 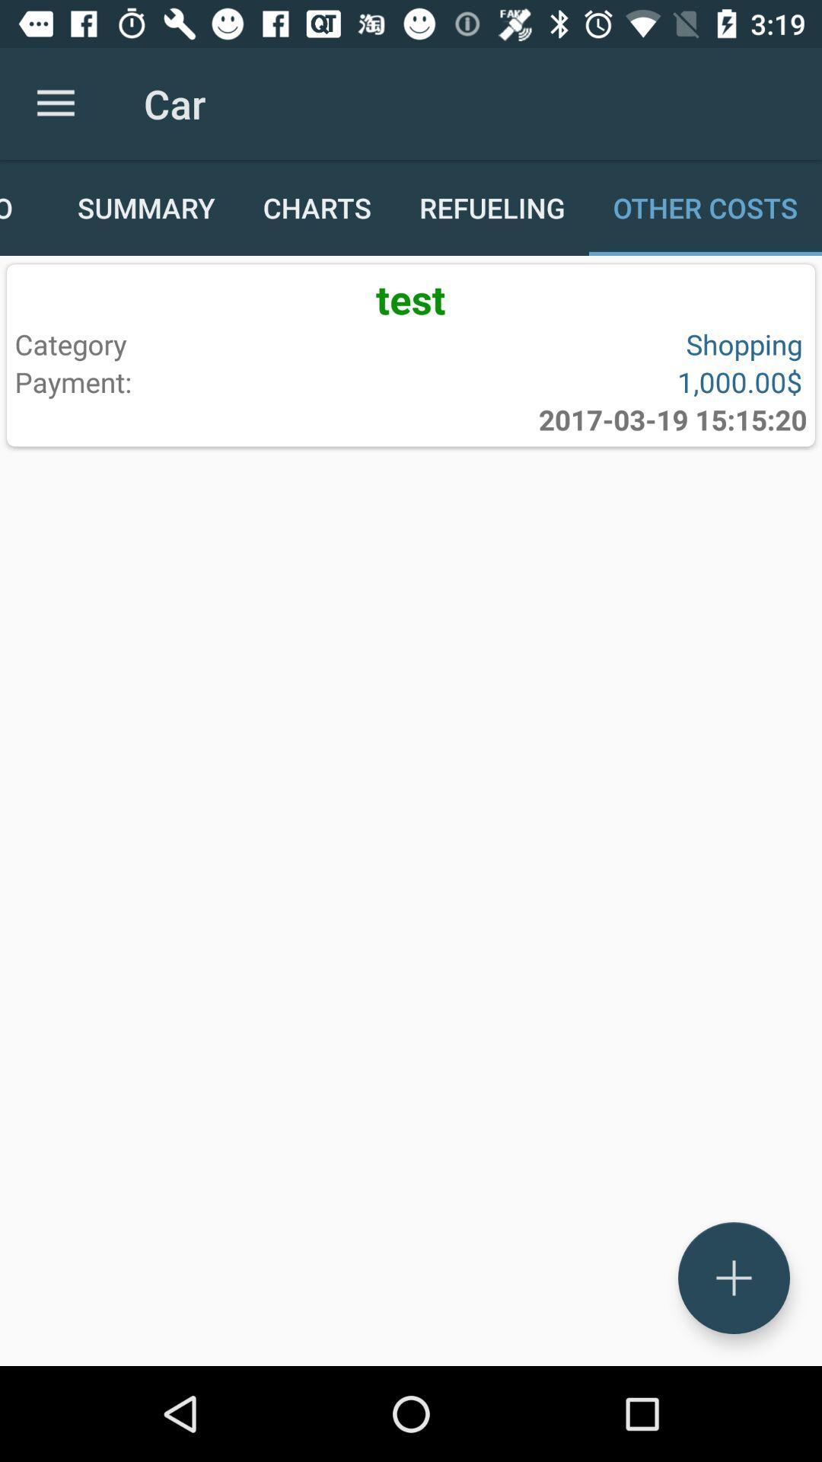 I want to click on the test item, so click(x=411, y=298).